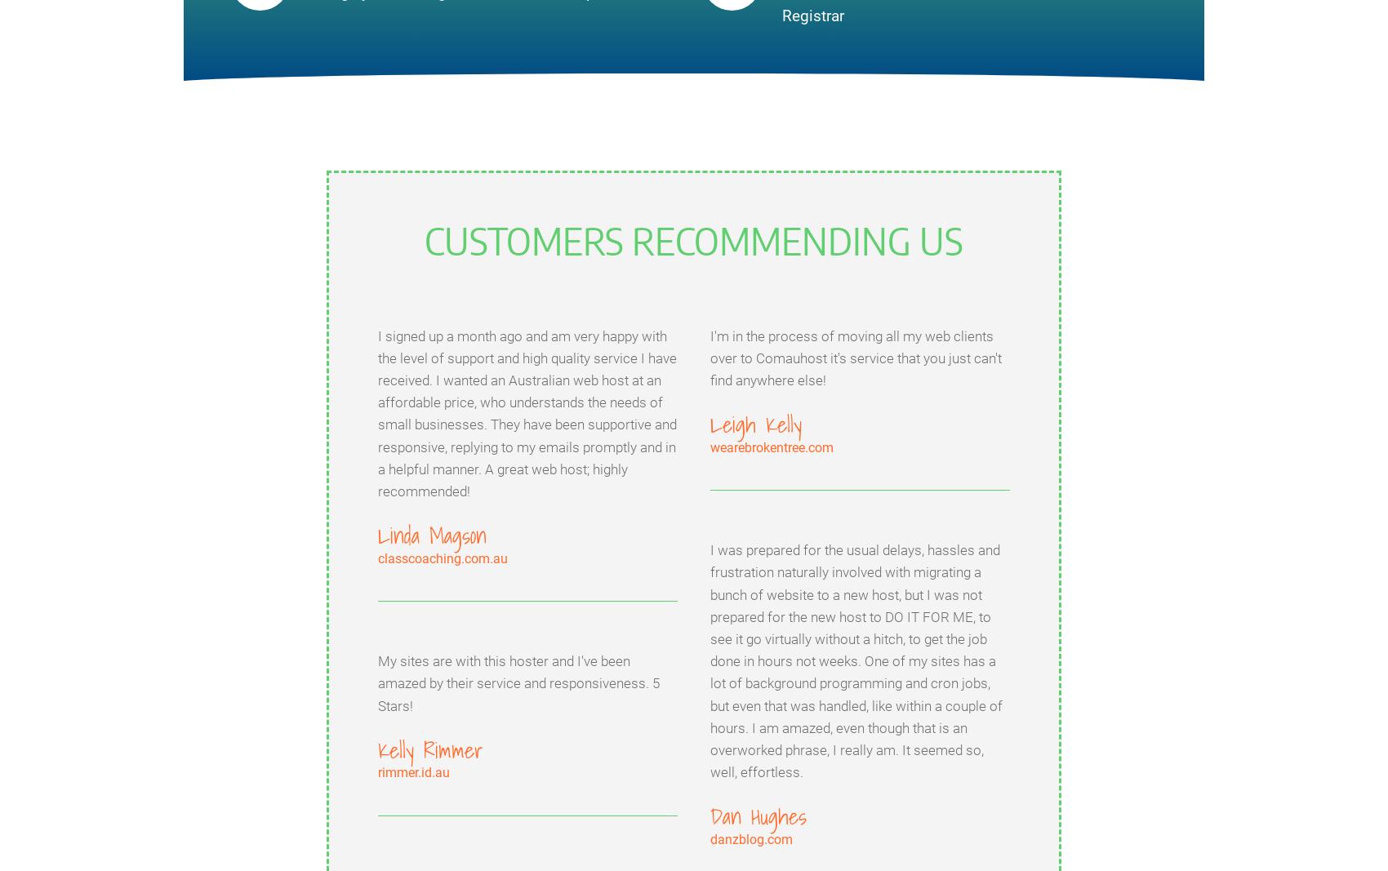 Image resolution: width=1388 pixels, height=871 pixels. Describe the element at coordinates (755, 423) in the screenshot. I see `'Leigh Kelly'` at that location.